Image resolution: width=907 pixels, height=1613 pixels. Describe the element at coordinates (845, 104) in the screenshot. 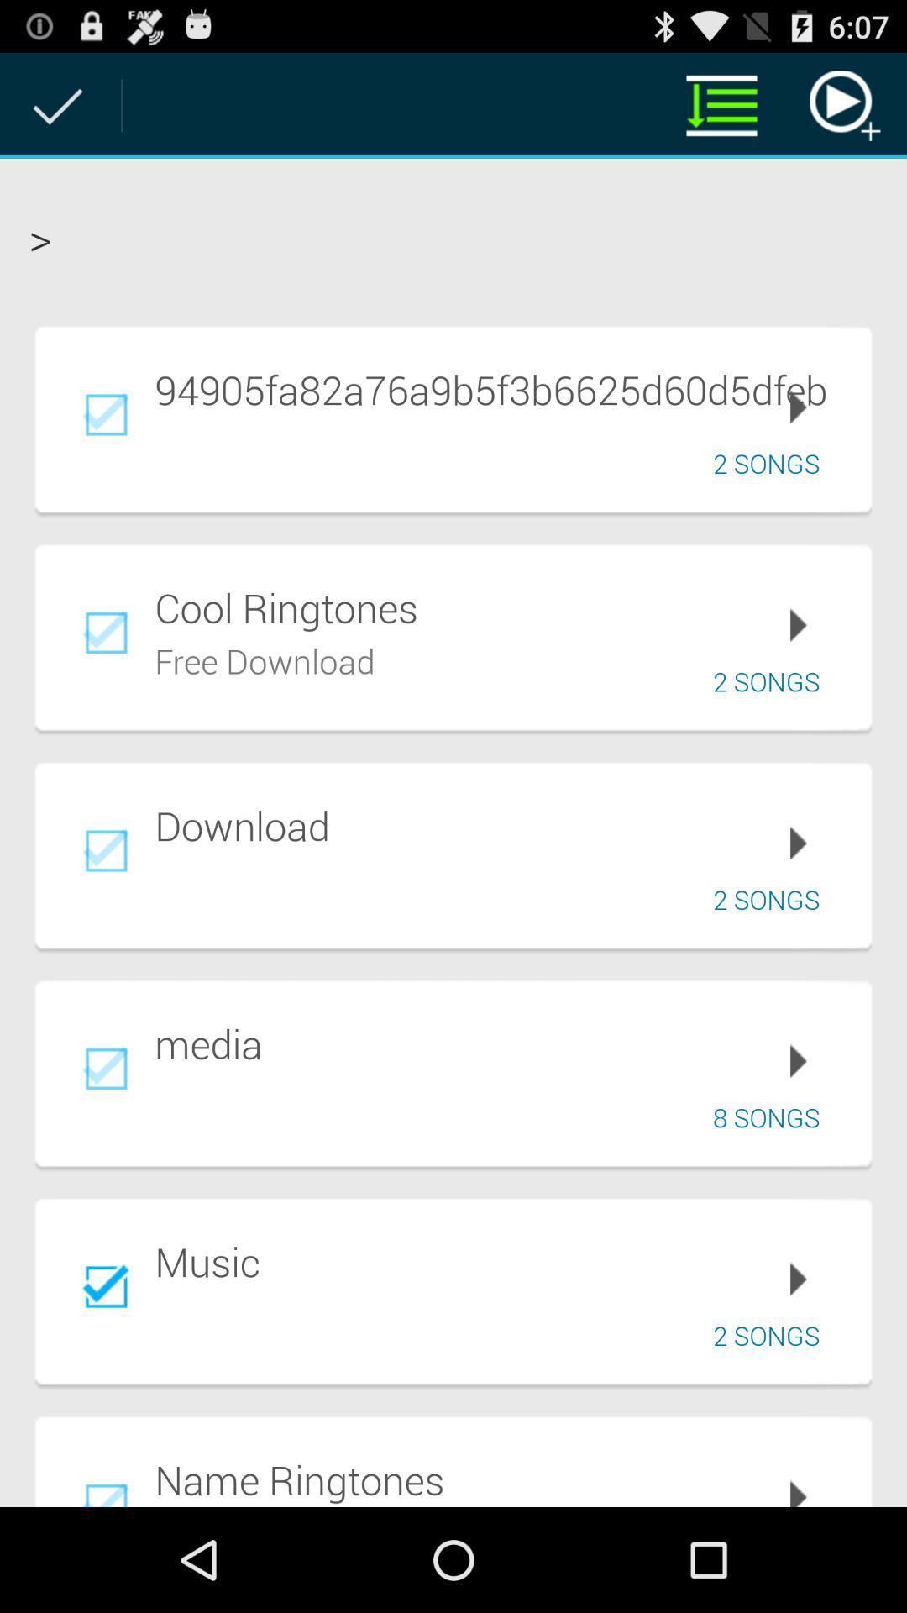

I see `the item above the > item` at that location.